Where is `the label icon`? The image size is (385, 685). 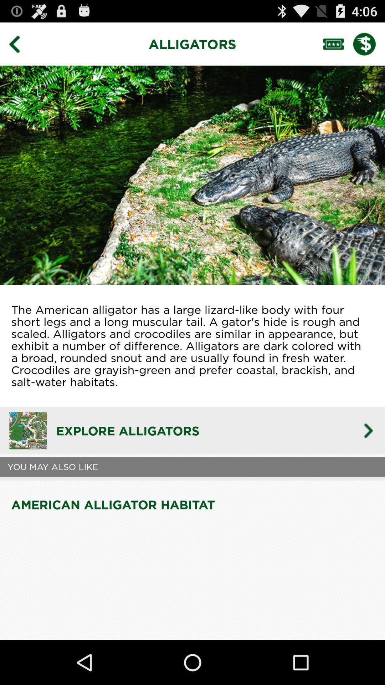 the label icon is located at coordinates (338, 47).